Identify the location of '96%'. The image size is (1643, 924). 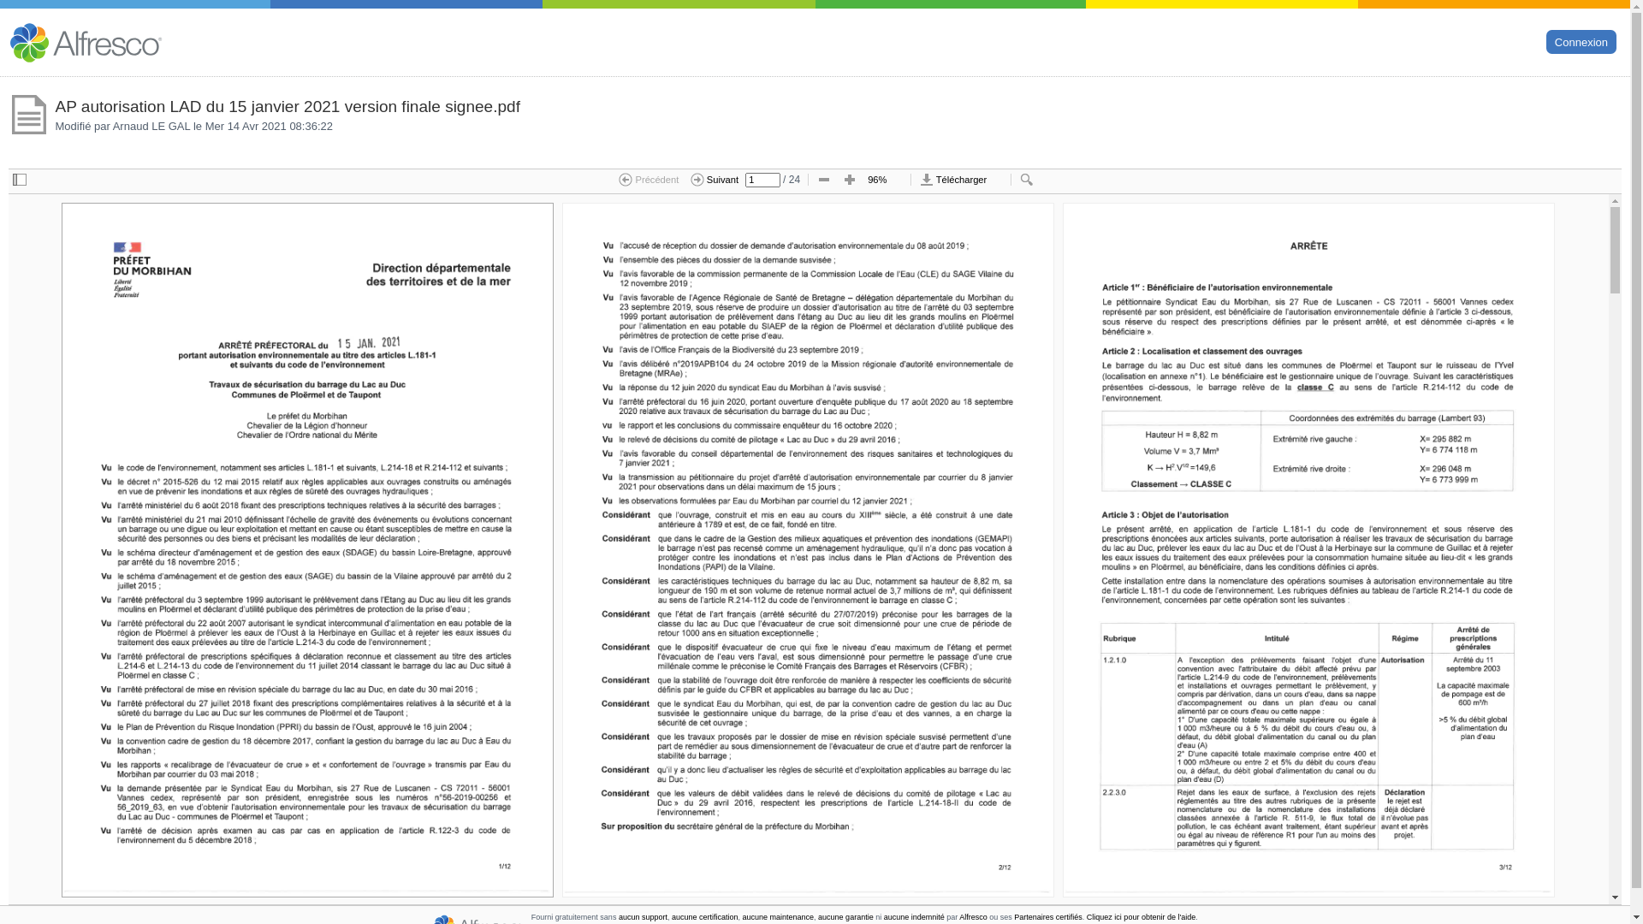
(884, 181).